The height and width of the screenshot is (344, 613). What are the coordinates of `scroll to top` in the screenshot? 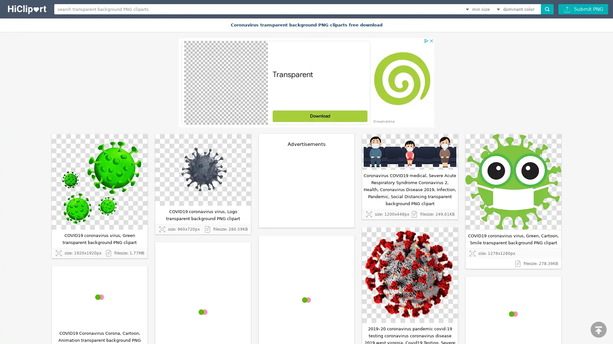 It's located at (598, 329).